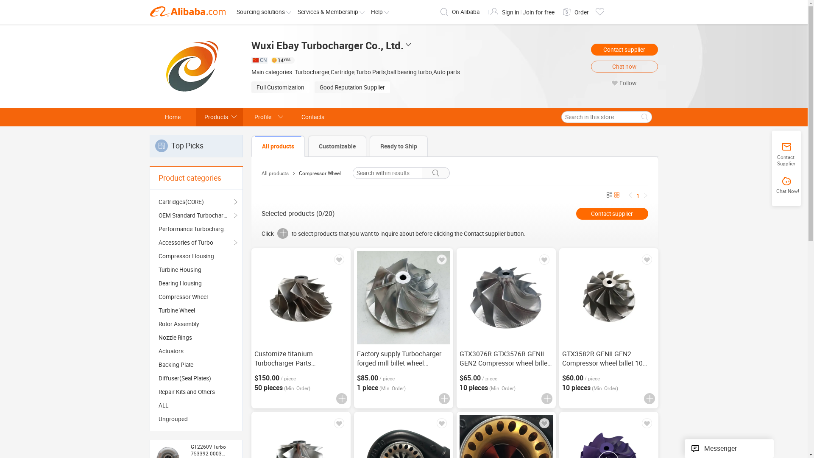  Describe the element at coordinates (195, 364) in the screenshot. I see `'Backing Plate'` at that location.